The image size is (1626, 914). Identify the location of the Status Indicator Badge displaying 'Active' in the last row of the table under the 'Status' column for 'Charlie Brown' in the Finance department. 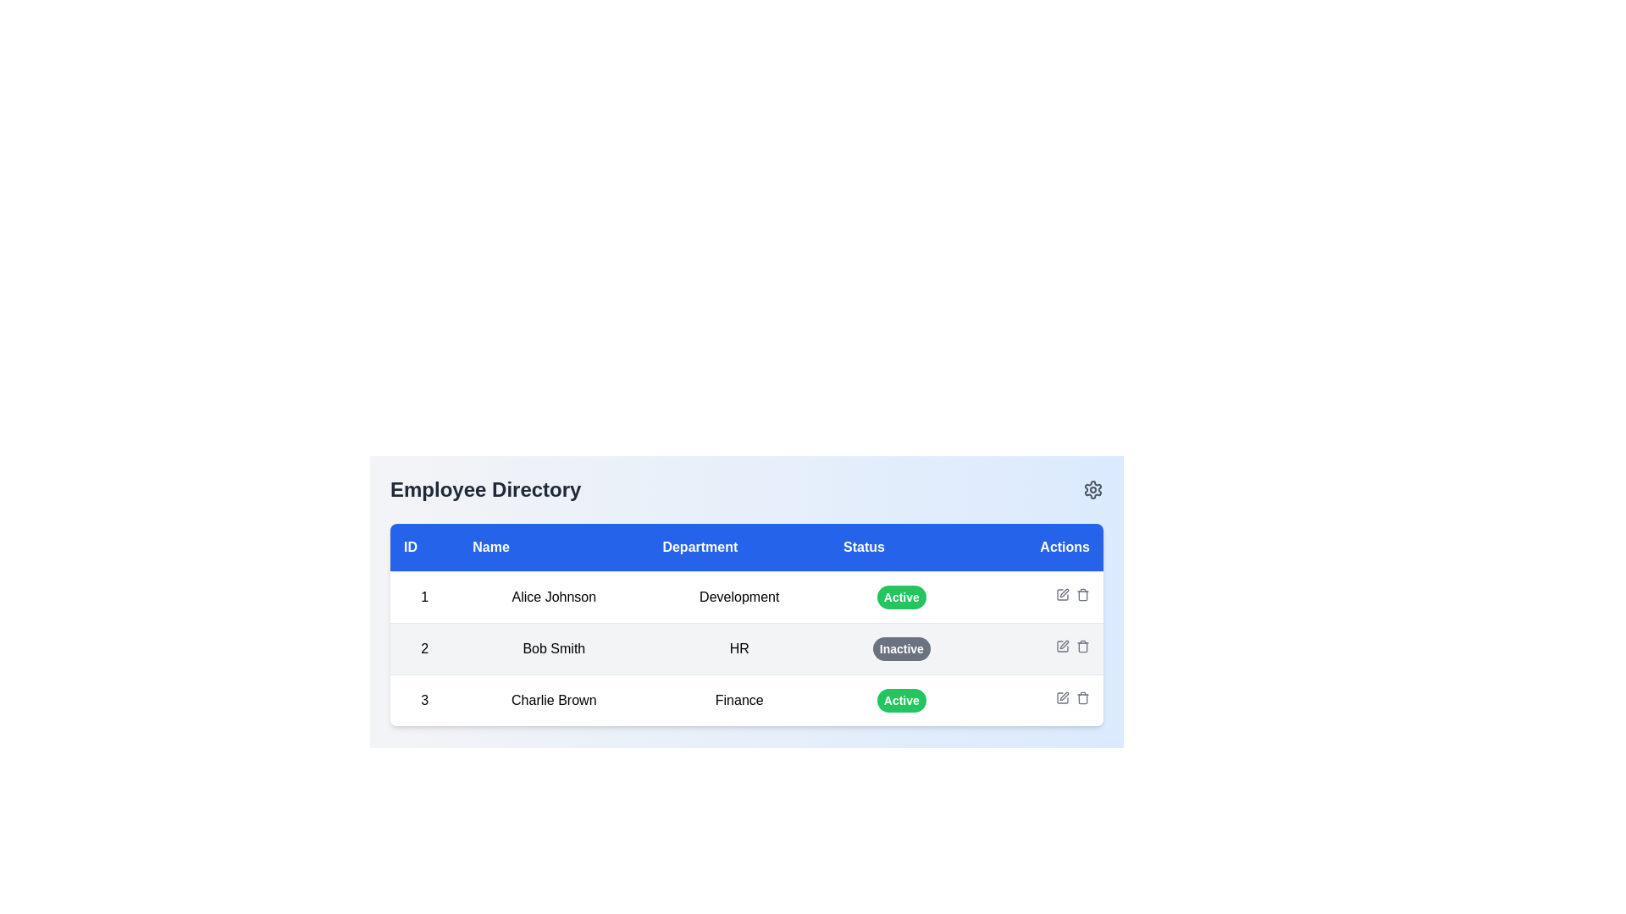
(900, 700).